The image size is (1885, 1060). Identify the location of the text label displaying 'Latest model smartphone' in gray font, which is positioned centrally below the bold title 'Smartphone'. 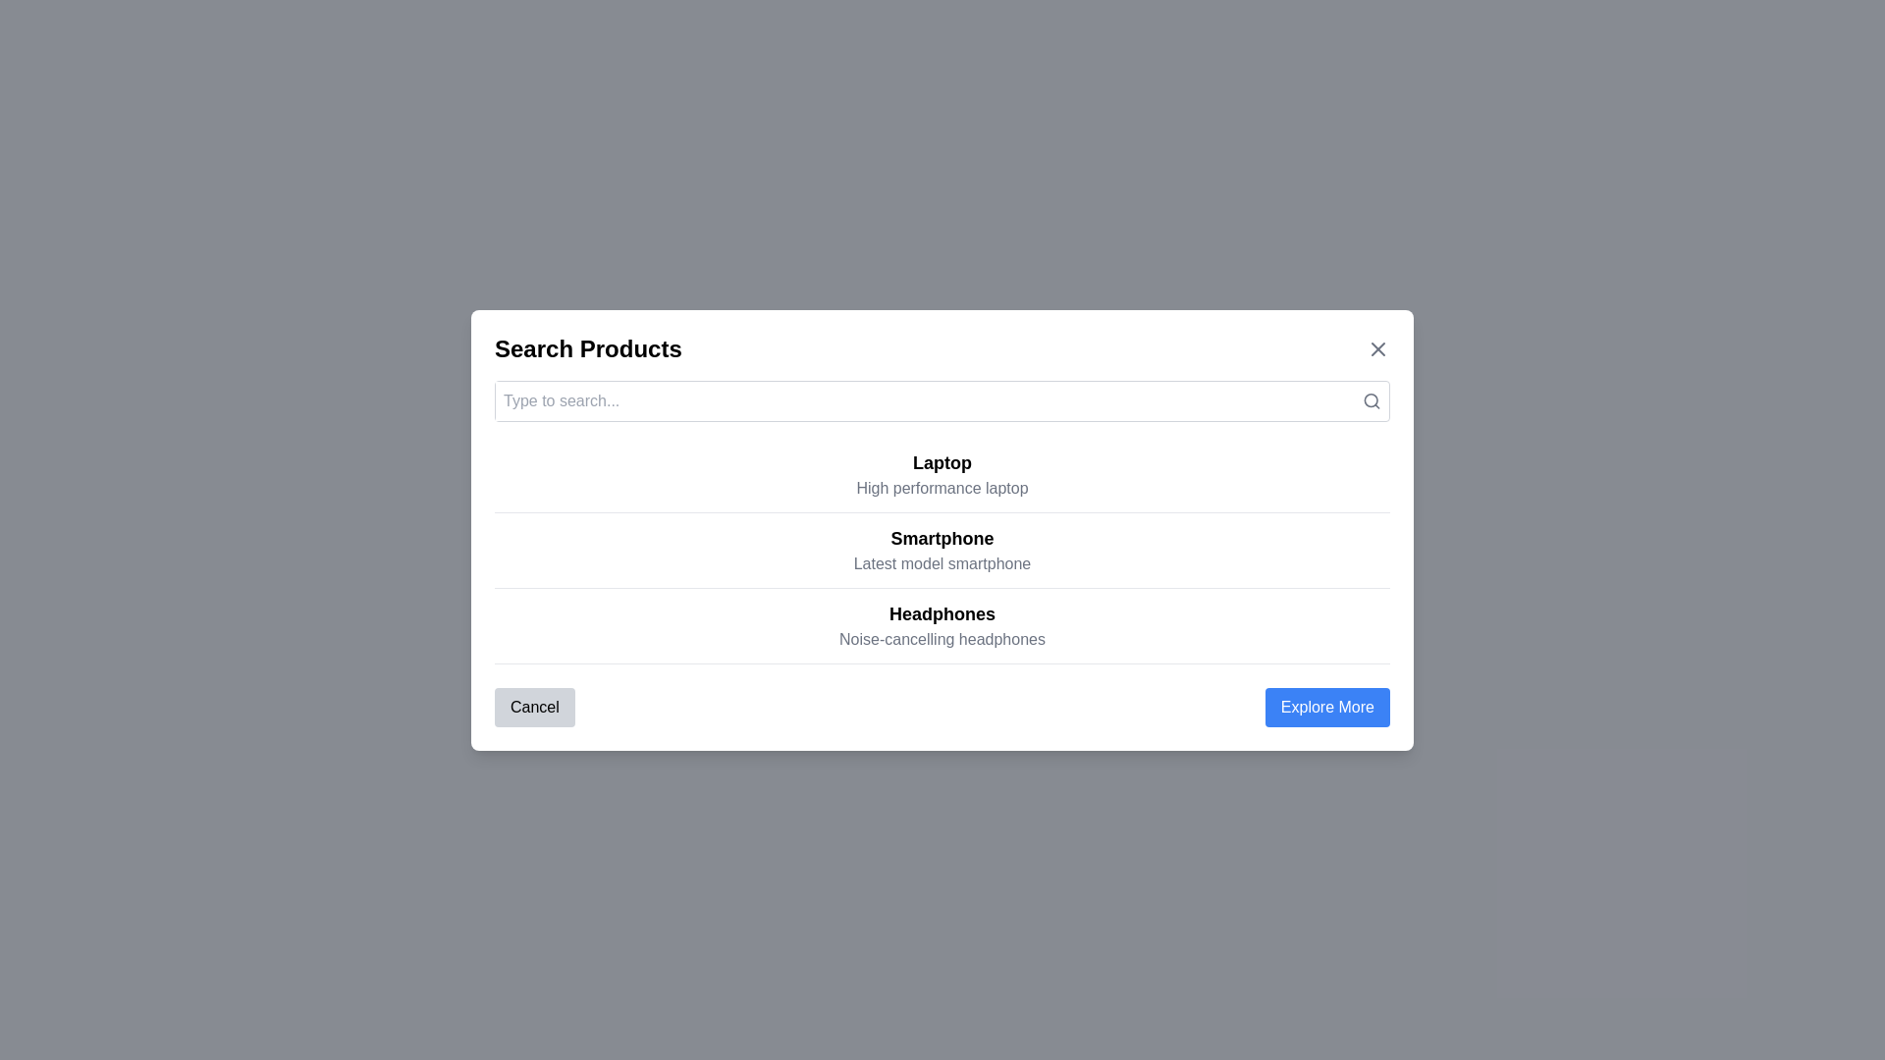
(942, 563).